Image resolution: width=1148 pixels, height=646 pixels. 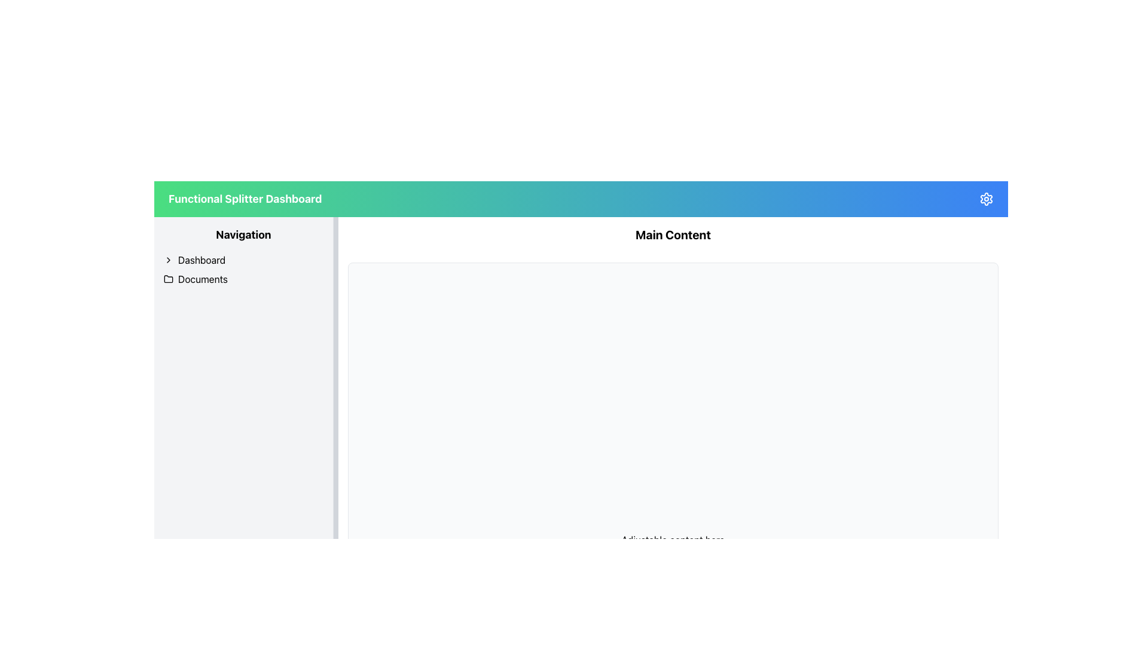 I want to click on the text label displaying 'Functional Splitter Dashboard' which is styled in bold white font on a gradient background from green to blue, located in the header bar on the left side of the interface, so click(x=245, y=198).